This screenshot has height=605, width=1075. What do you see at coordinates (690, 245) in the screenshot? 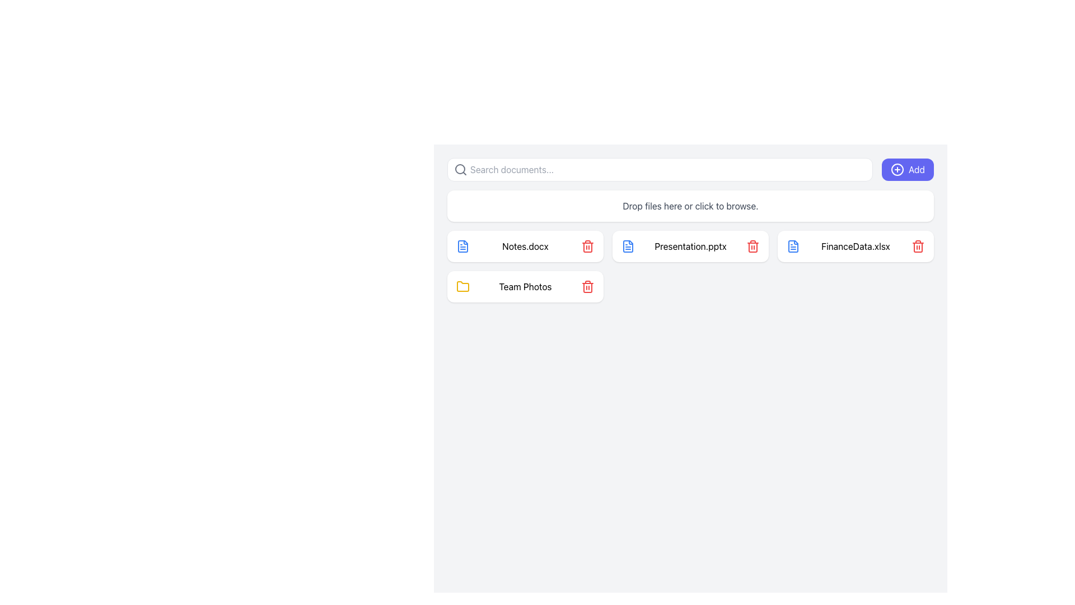
I see `the text label displaying the filename 'Presentation.pptx', which is part of a file management interface, located between a file icon and a trash icon` at bounding box center [690, 245].